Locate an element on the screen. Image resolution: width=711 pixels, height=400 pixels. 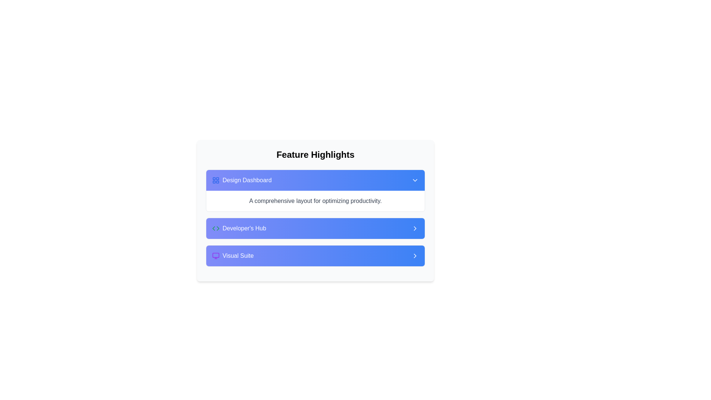
the rightward-pointing chevron icon located at the far-right end of the 'Visual Suite' button is located at coordinates (415, 255).